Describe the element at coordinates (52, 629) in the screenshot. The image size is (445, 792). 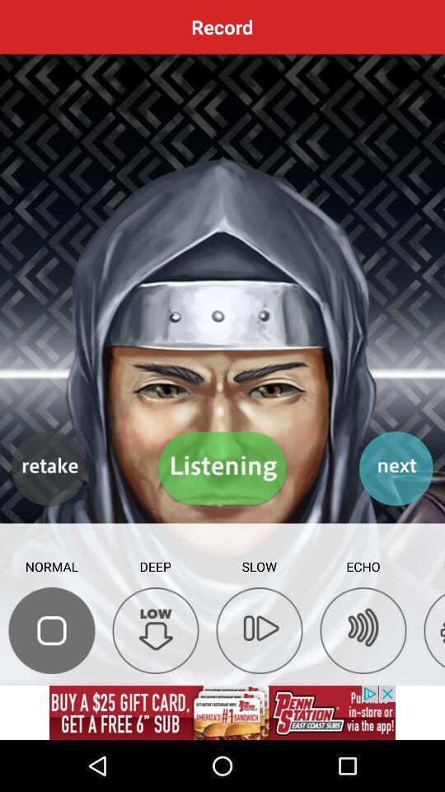
I see `voice option button` at that location.